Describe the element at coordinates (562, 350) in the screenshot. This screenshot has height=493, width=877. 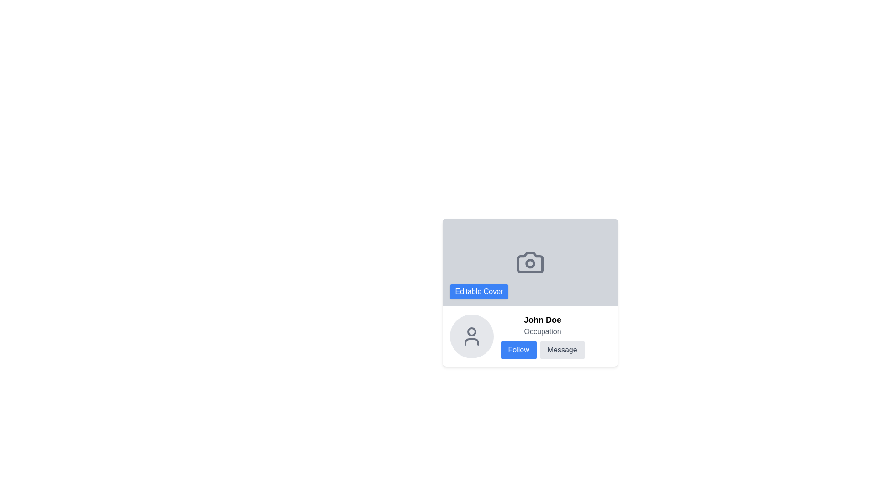
I see `the second button in the horizontal group, which is located to the right of the 'Follow' button, to change its background color` at that location.